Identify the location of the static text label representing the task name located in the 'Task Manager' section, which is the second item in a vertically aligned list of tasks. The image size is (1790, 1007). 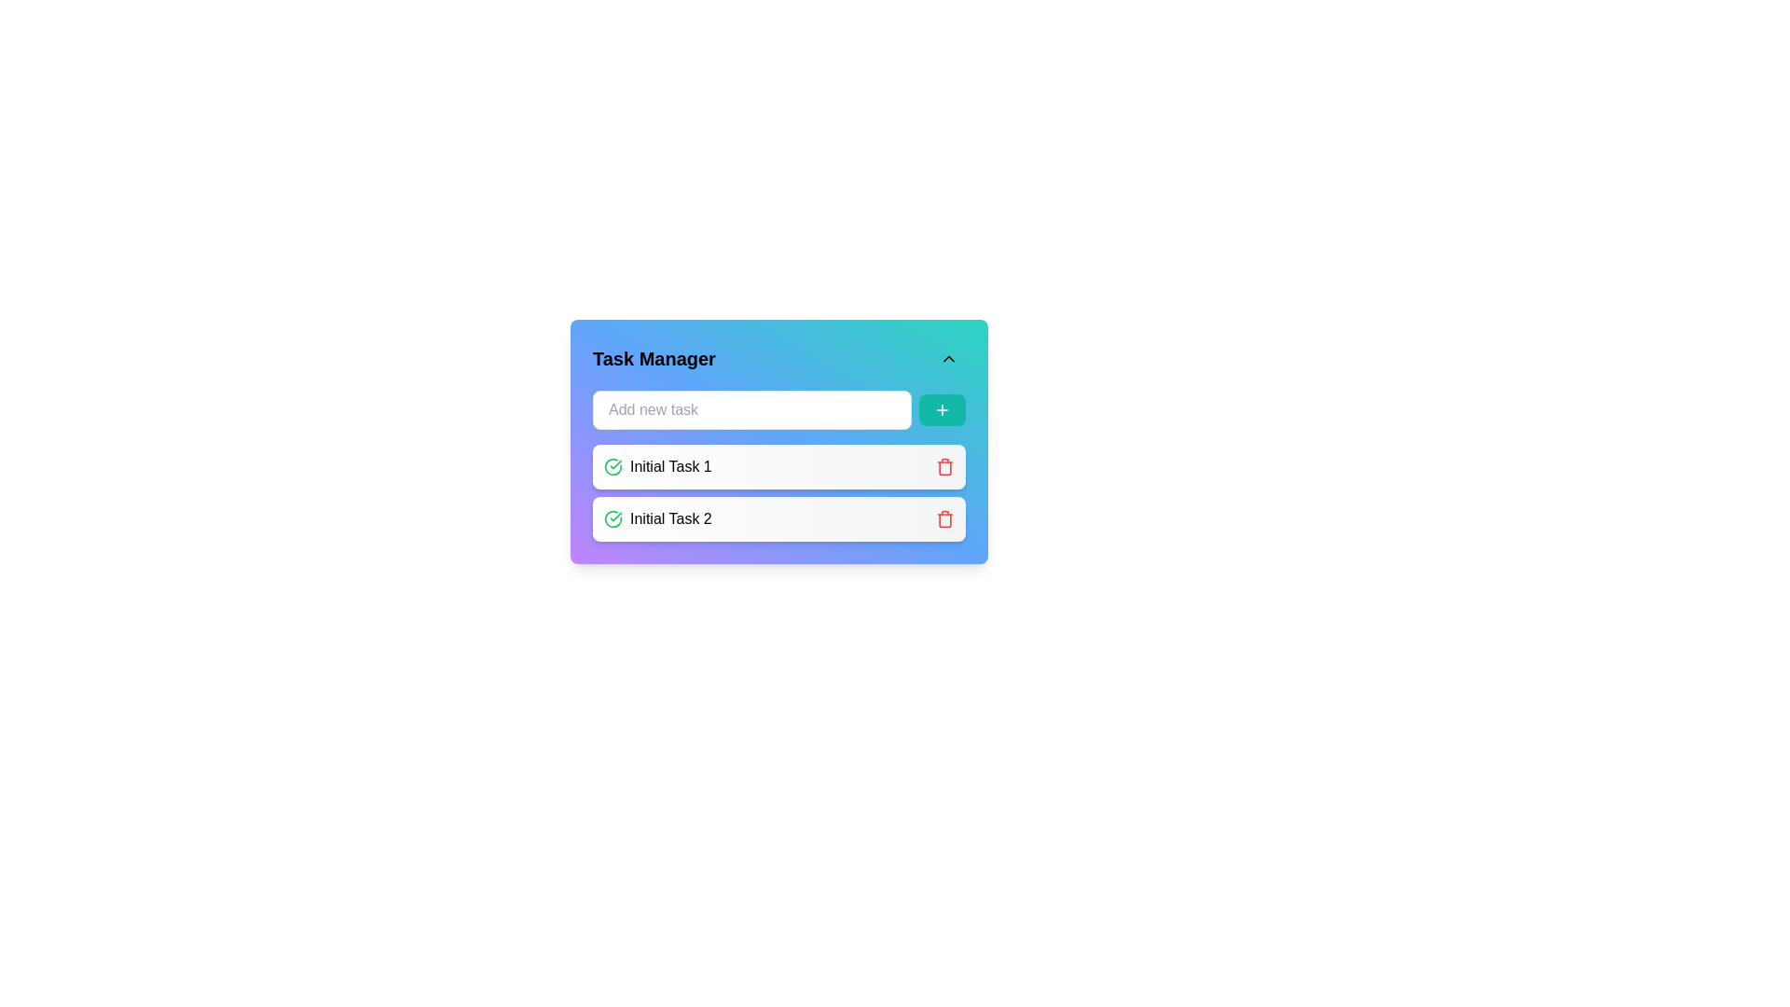
(670, 518).